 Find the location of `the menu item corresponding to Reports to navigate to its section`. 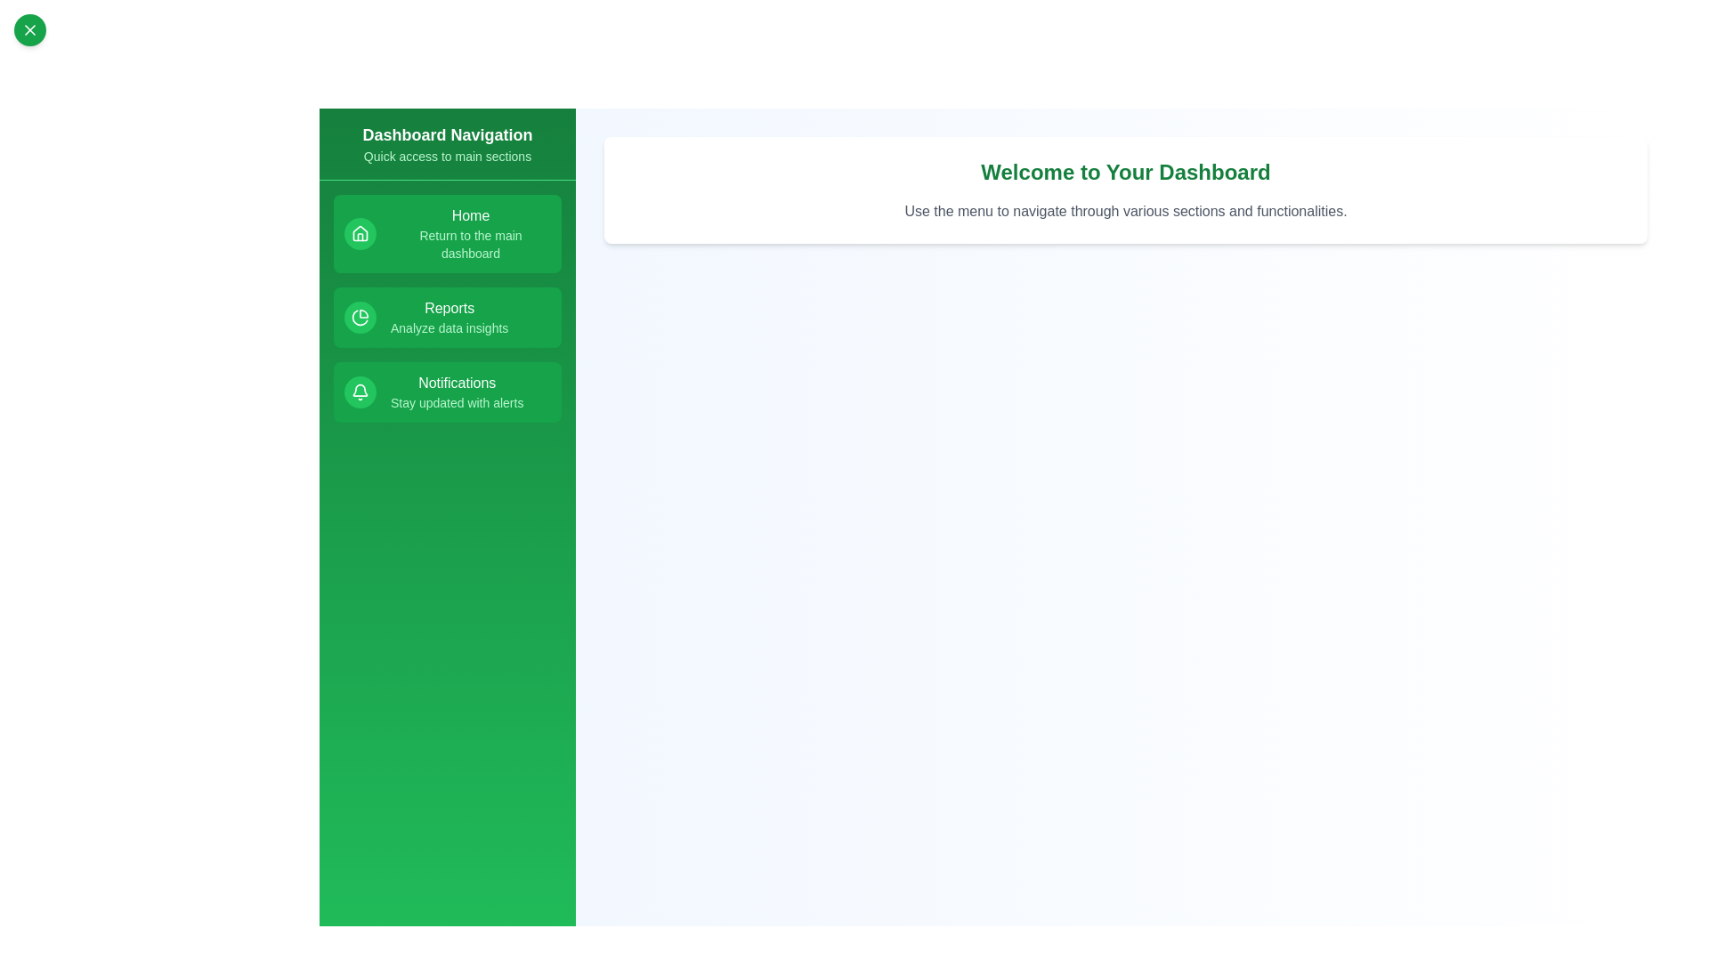

the menu item corresponding to Reports to navigate to its section is located at coordinates (448, 317).